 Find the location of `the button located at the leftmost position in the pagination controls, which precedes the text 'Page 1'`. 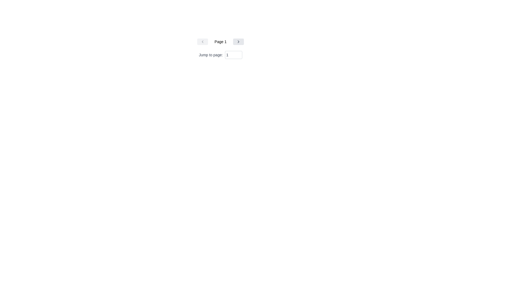

the button located at the leftmost position in the pagination controls, which precedes the text 'Page 1' is located at coordinates (202, 41).